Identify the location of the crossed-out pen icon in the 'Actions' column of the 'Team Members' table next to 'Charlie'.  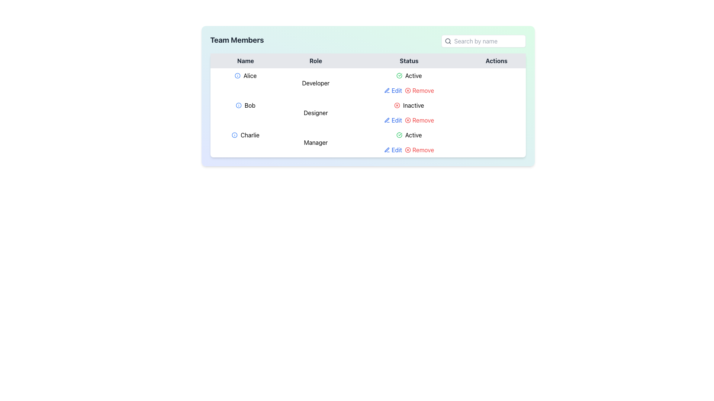
(387, 150).